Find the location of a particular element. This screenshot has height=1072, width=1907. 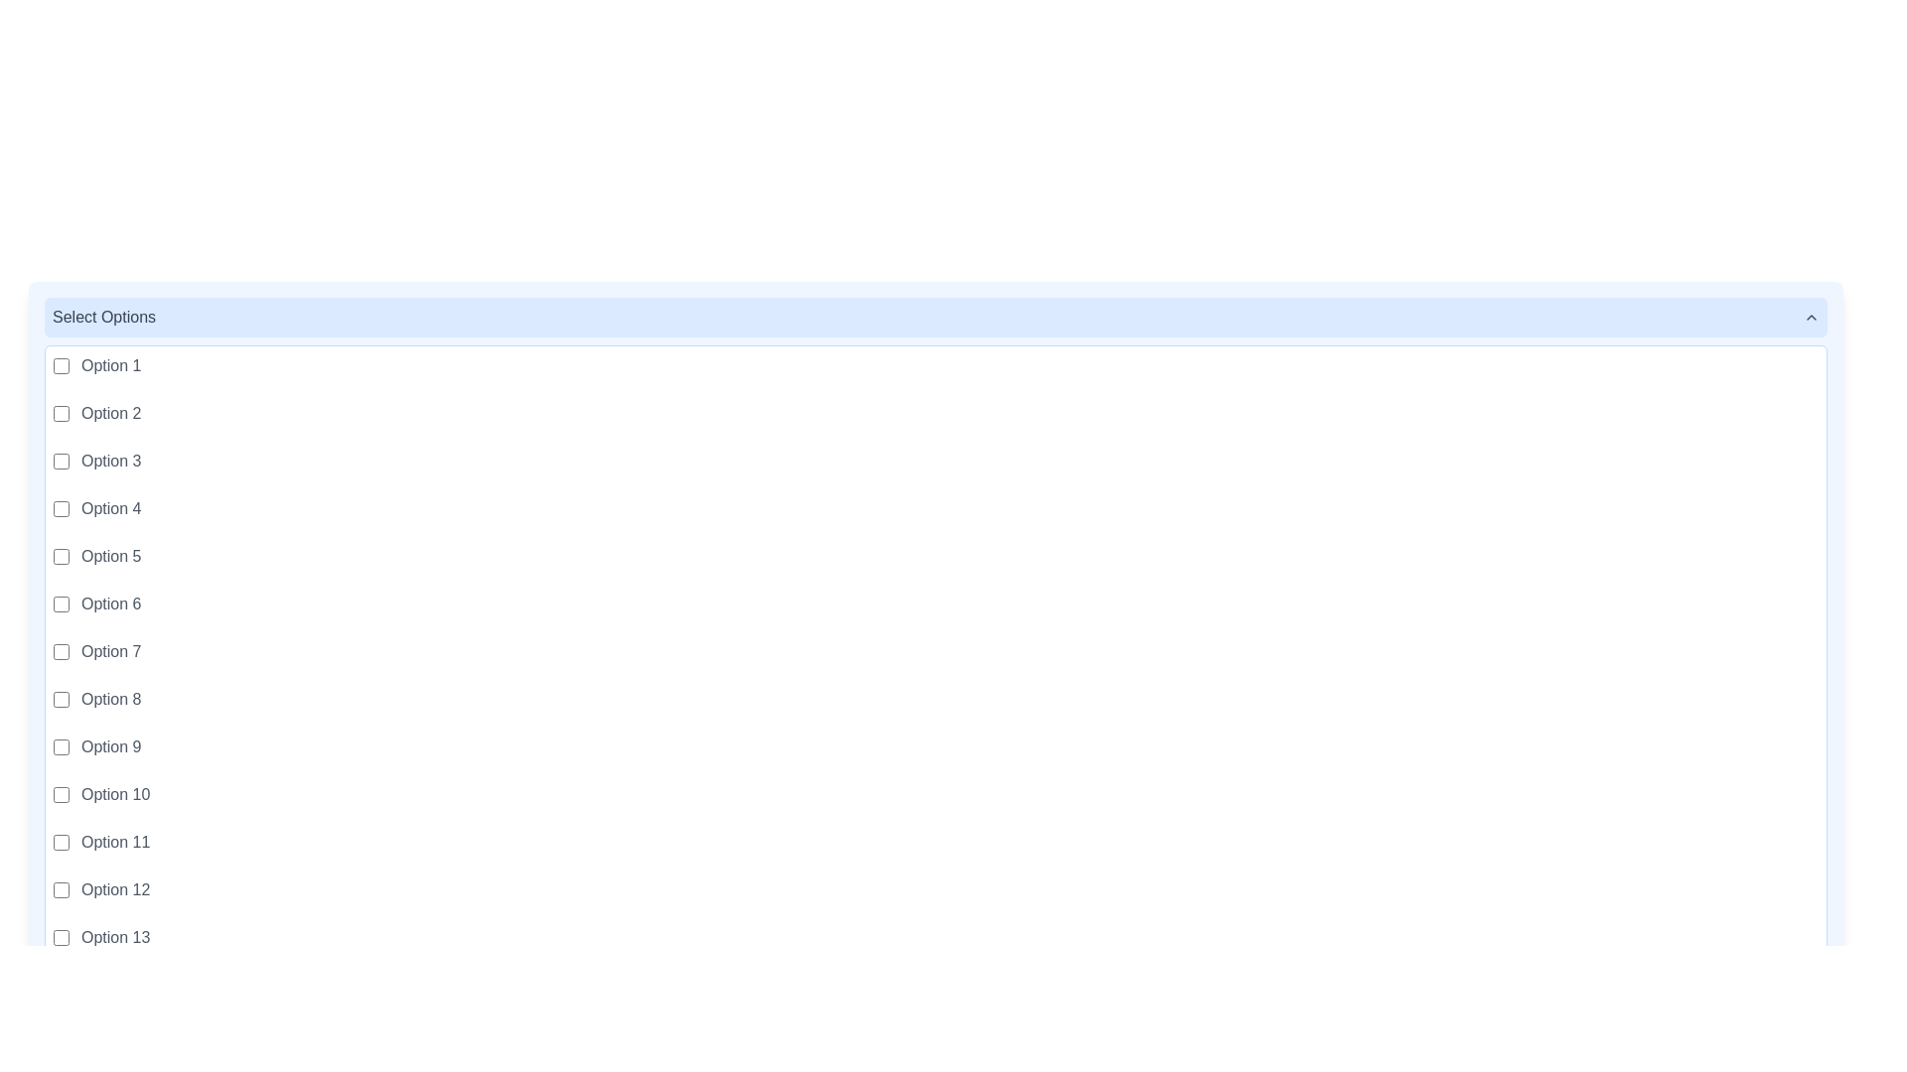

the checkbox associated with 'Option 9' is located at coordinates (62, 746).